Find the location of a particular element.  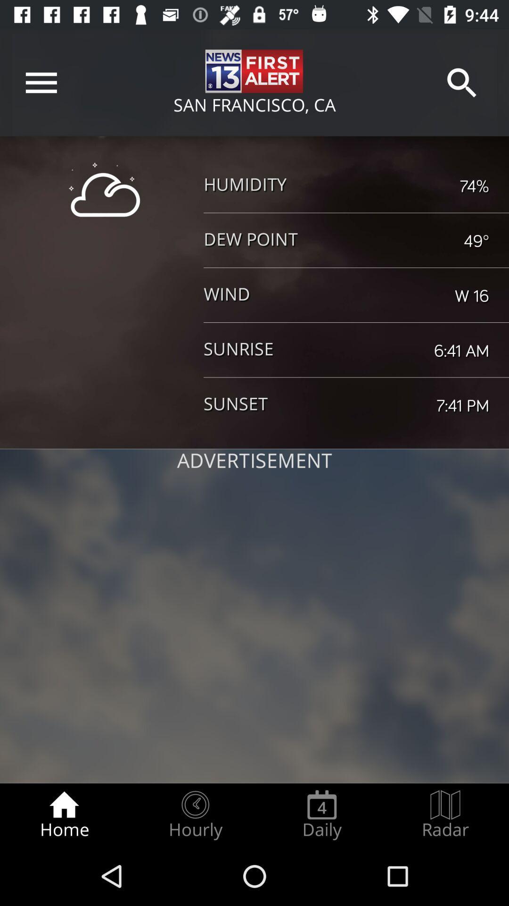

the daily radio button is located at coordinates (321, 814).